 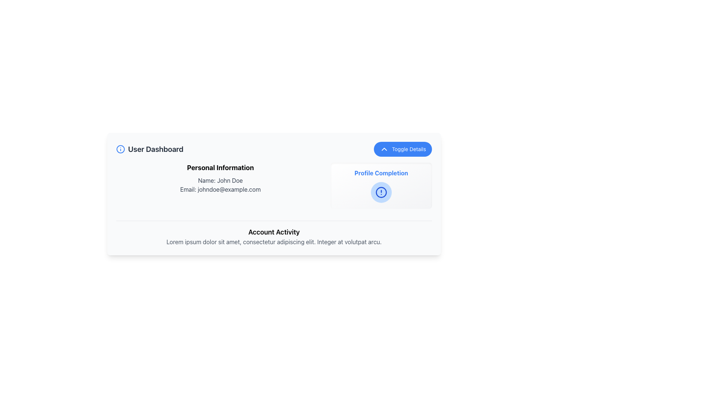 I want to click on the decorative circle component within the SVG icon in the 'Profile Completion' section, which serves as a visual indicator, so click(x=381, y=192).